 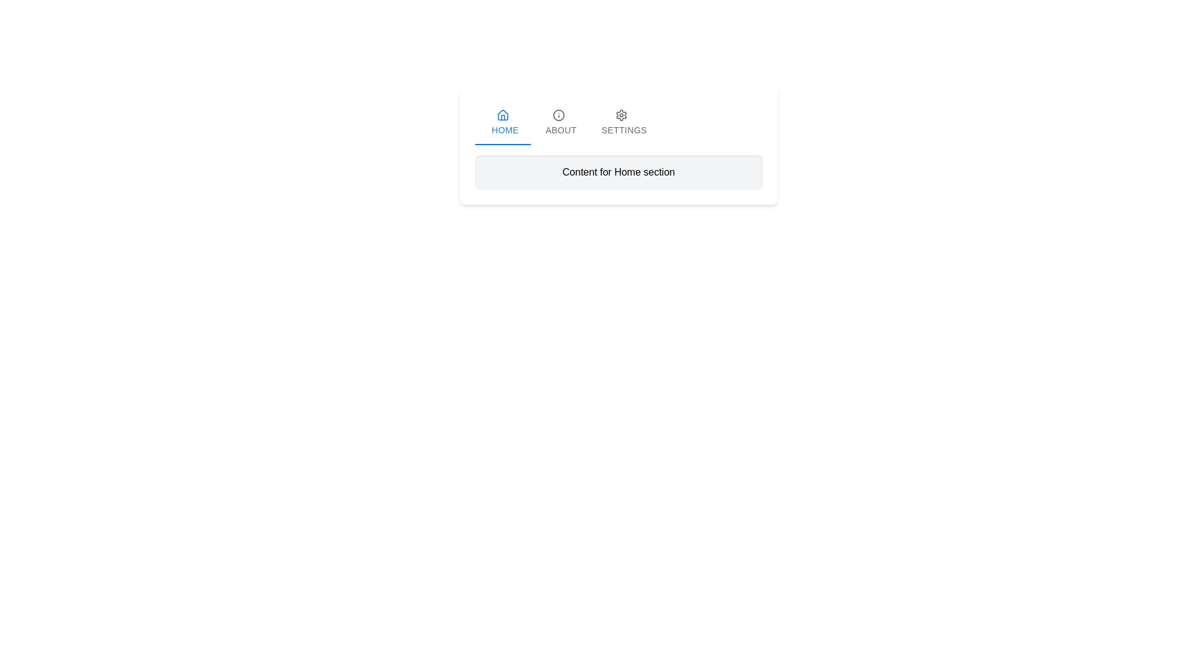 What do you see at coordinates (622, 115) in the screenshot?
I see `the Settings SVG icon located in the navigation bar` at bounding box center [622, 115].